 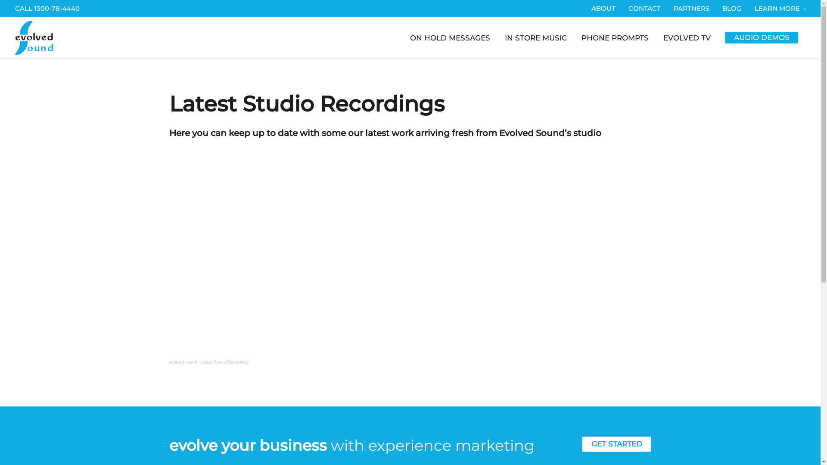 What do you see at coordinates (777, 8) in the screenshot?
I see `'LEARN MORE'` at bounding box center [777, 8].